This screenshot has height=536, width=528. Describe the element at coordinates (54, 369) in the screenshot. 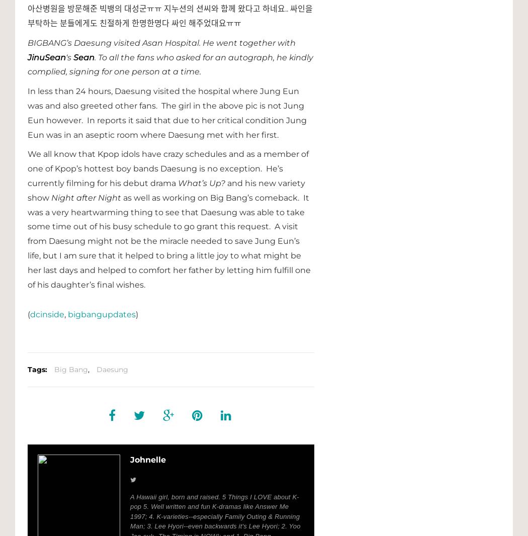

I see `'Big Bang'` at that location.